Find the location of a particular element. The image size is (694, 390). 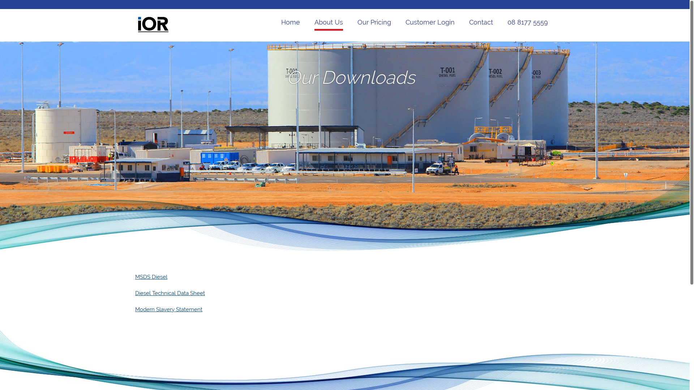

'IOR Terminals' is located at coordinates (153, 31).